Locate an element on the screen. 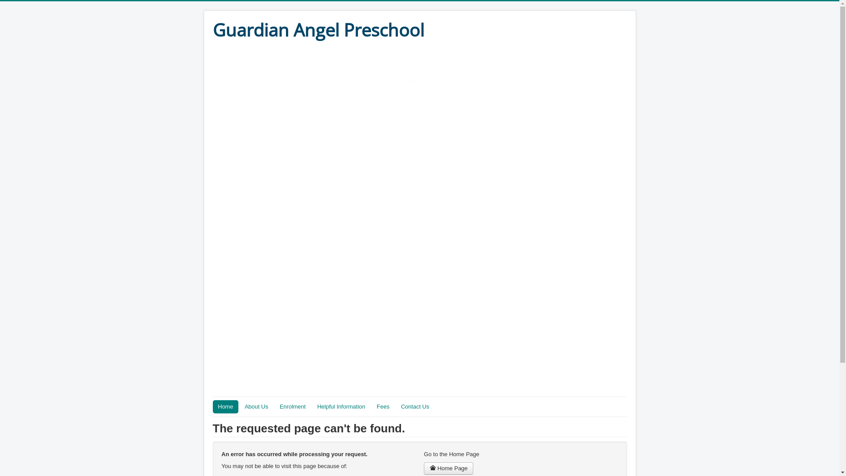 This screenshot has height=476, width=846. 'Contact Us' is located at coordinates (395, 406).